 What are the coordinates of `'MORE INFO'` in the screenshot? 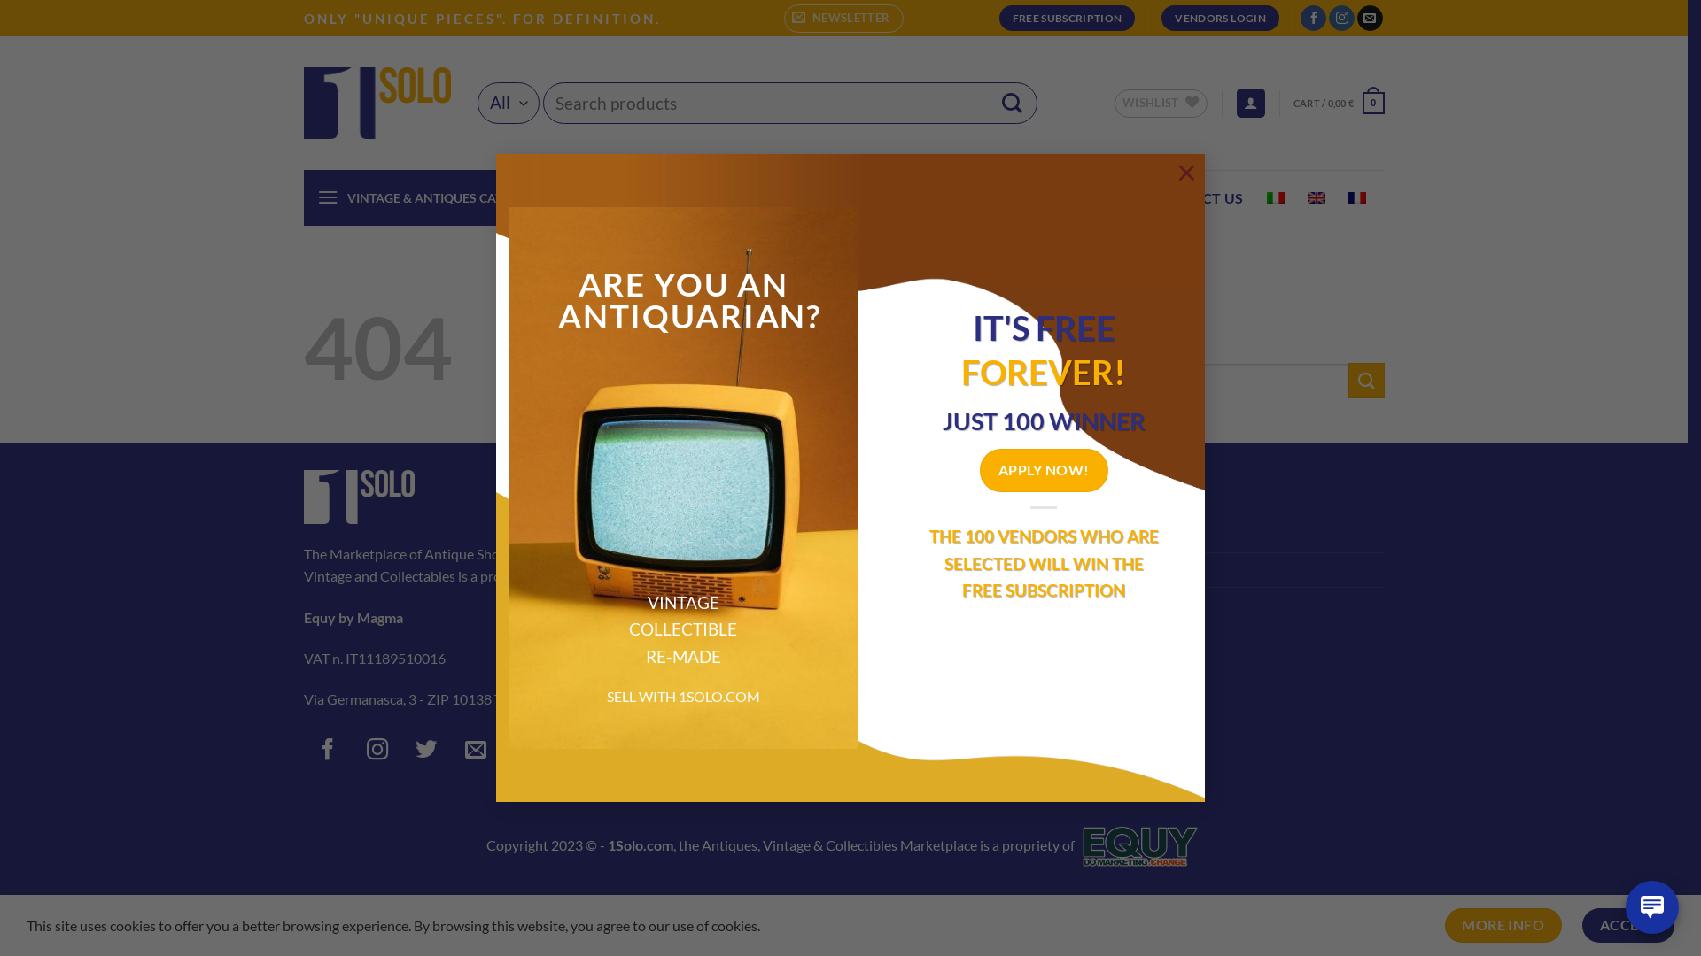 It's located at (1503, 924).